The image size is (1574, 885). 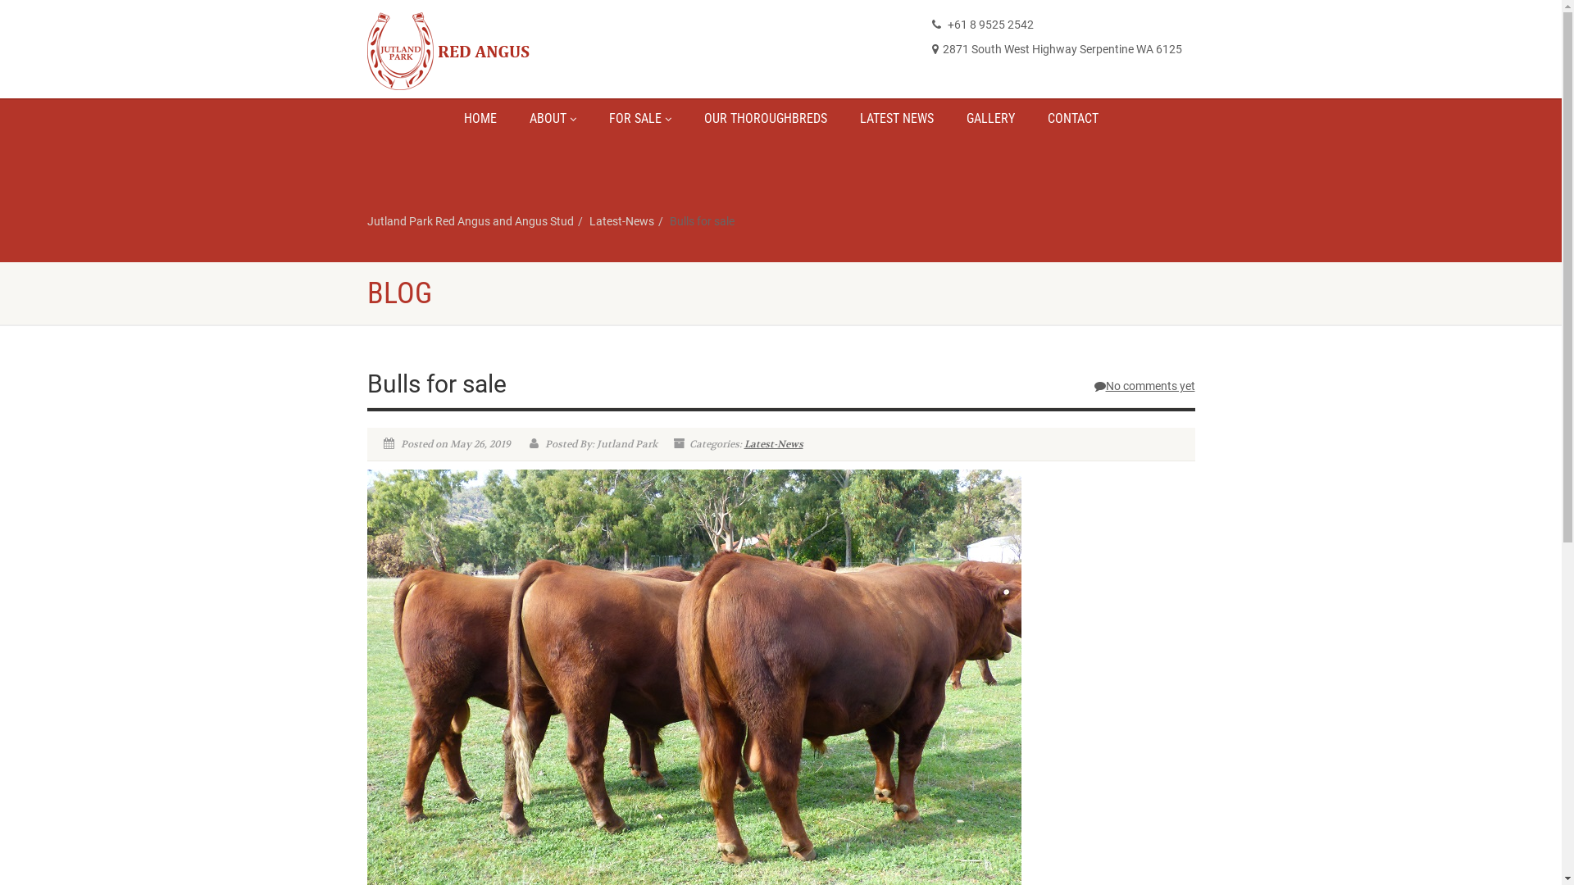 What do you see at coordinates (989, 118) in the screenshot?
I see `'GALLERY'` at bounding box center [989, 118].